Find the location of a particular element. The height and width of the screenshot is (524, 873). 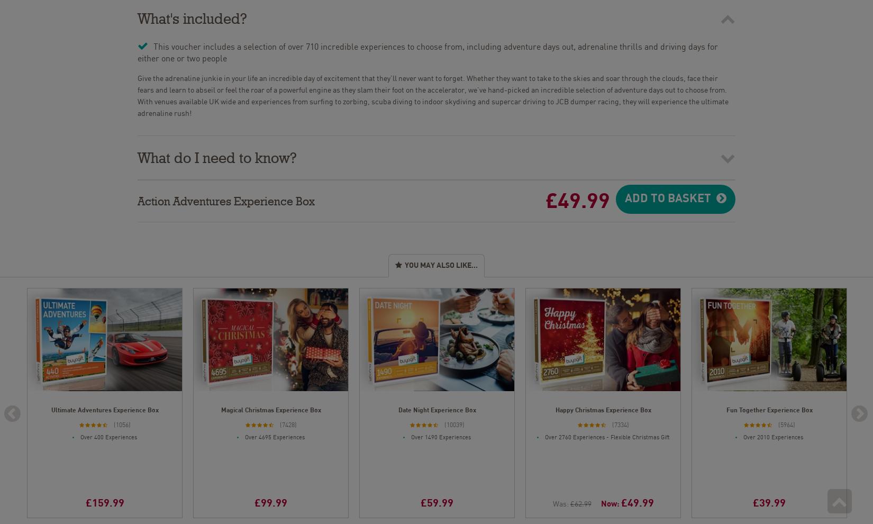

'£39.99' is located at coordinates (768, 501).